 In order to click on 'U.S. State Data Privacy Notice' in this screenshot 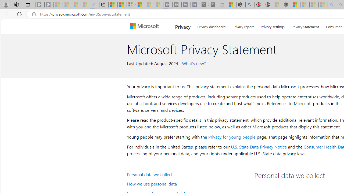, I will do `click(259, 147)`.